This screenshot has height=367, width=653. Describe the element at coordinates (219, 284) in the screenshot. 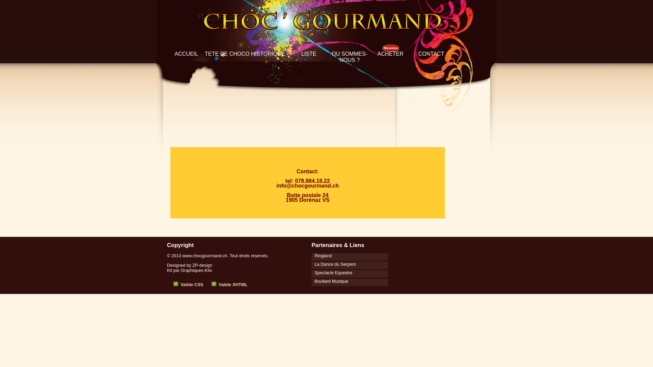

I see `'Valide XHTML'` at that location.